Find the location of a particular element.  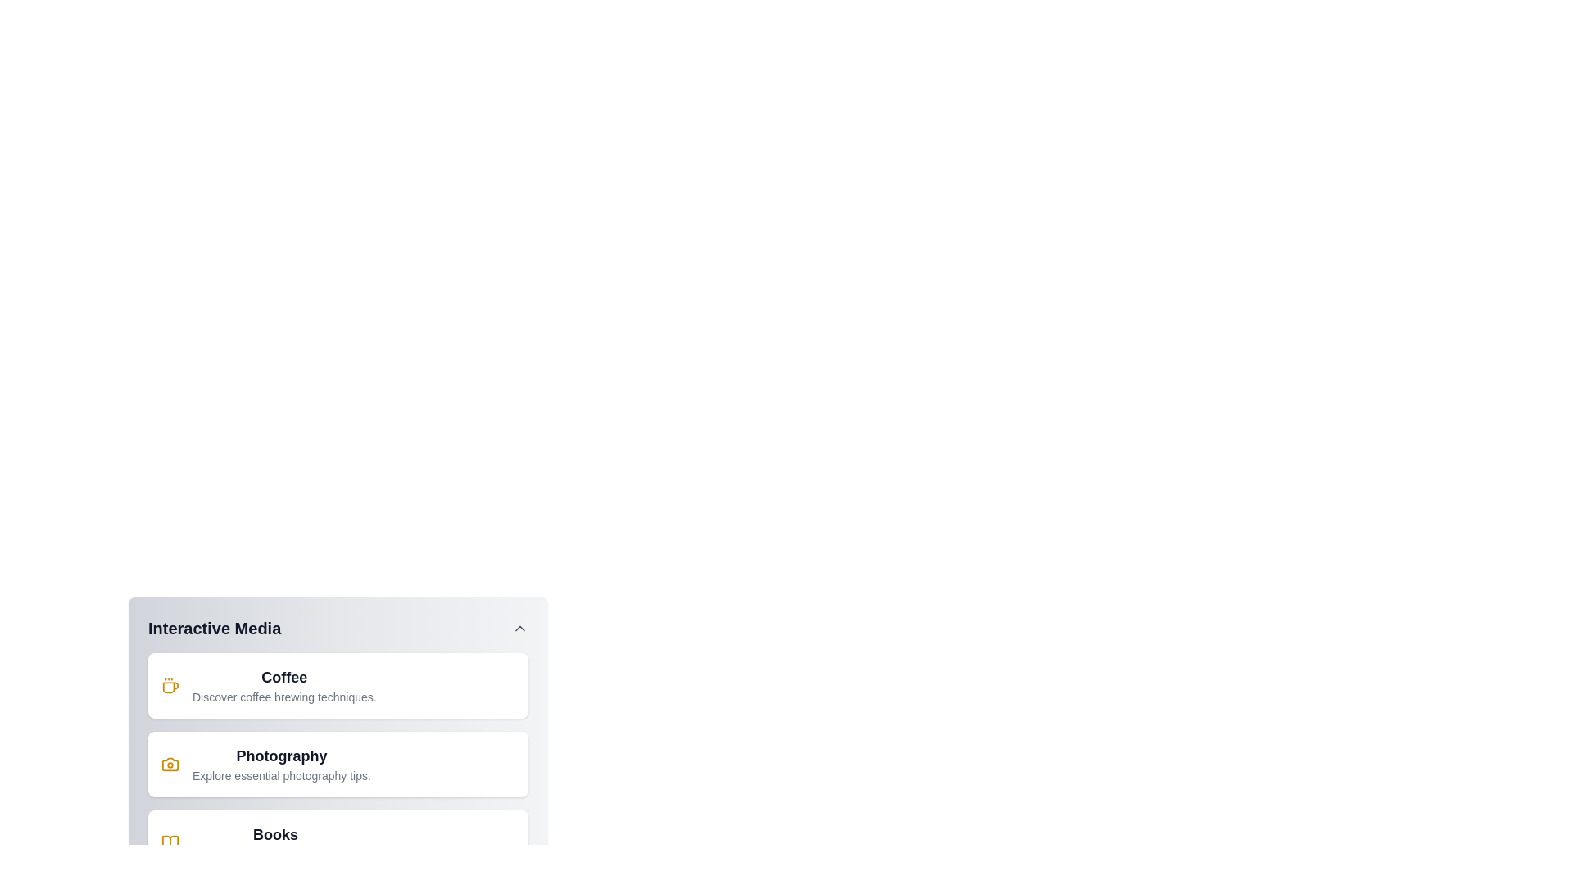

the menu item Photography from the InteractiveMediaMenu is located at coordinates (337, 765).